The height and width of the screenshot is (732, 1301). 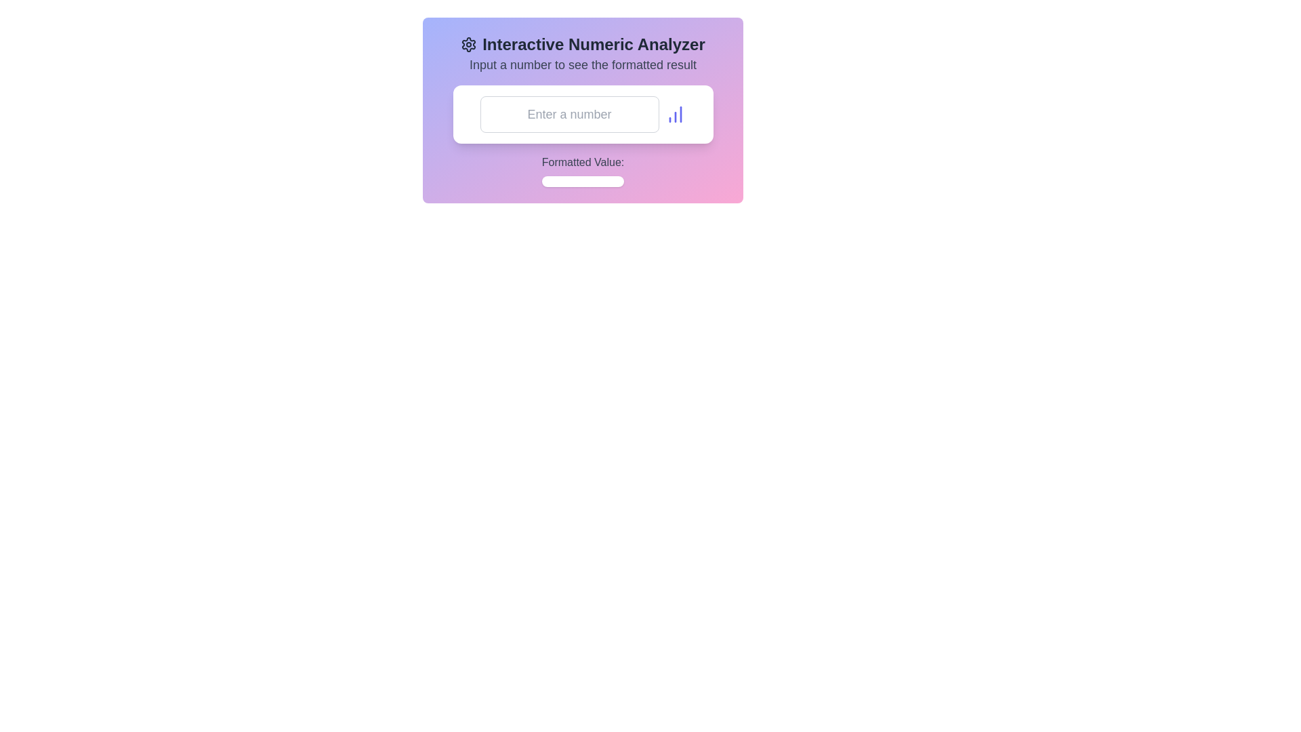 What do you see at coordinates (583, 43) in the screenshot?
I see `title text with decorative icon located at the top-center of the interface, which serves as a descriptive header indicating the page functionality` at bounding box center [583, 43].